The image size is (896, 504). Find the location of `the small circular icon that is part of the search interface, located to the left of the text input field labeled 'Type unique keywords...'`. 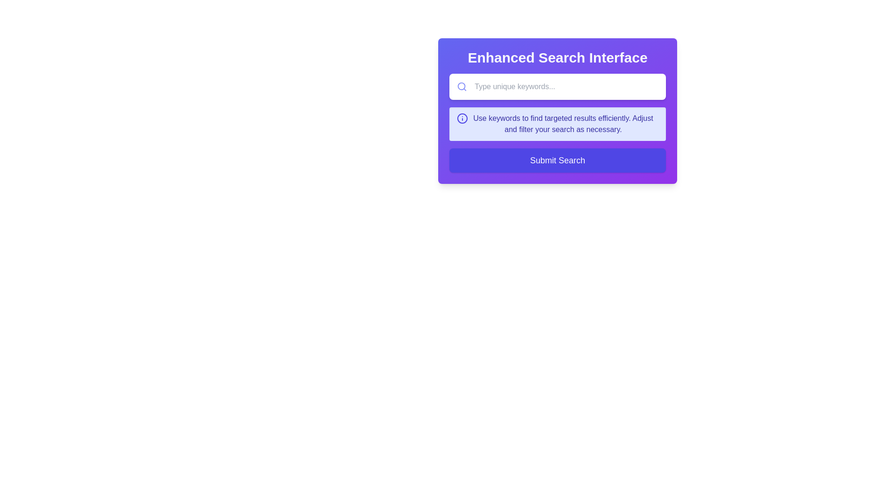

the small circular icon that is part of the search interface, located to the left of the text input field labeled 'Type unique keywords...' is located at coordinates (462, 86).